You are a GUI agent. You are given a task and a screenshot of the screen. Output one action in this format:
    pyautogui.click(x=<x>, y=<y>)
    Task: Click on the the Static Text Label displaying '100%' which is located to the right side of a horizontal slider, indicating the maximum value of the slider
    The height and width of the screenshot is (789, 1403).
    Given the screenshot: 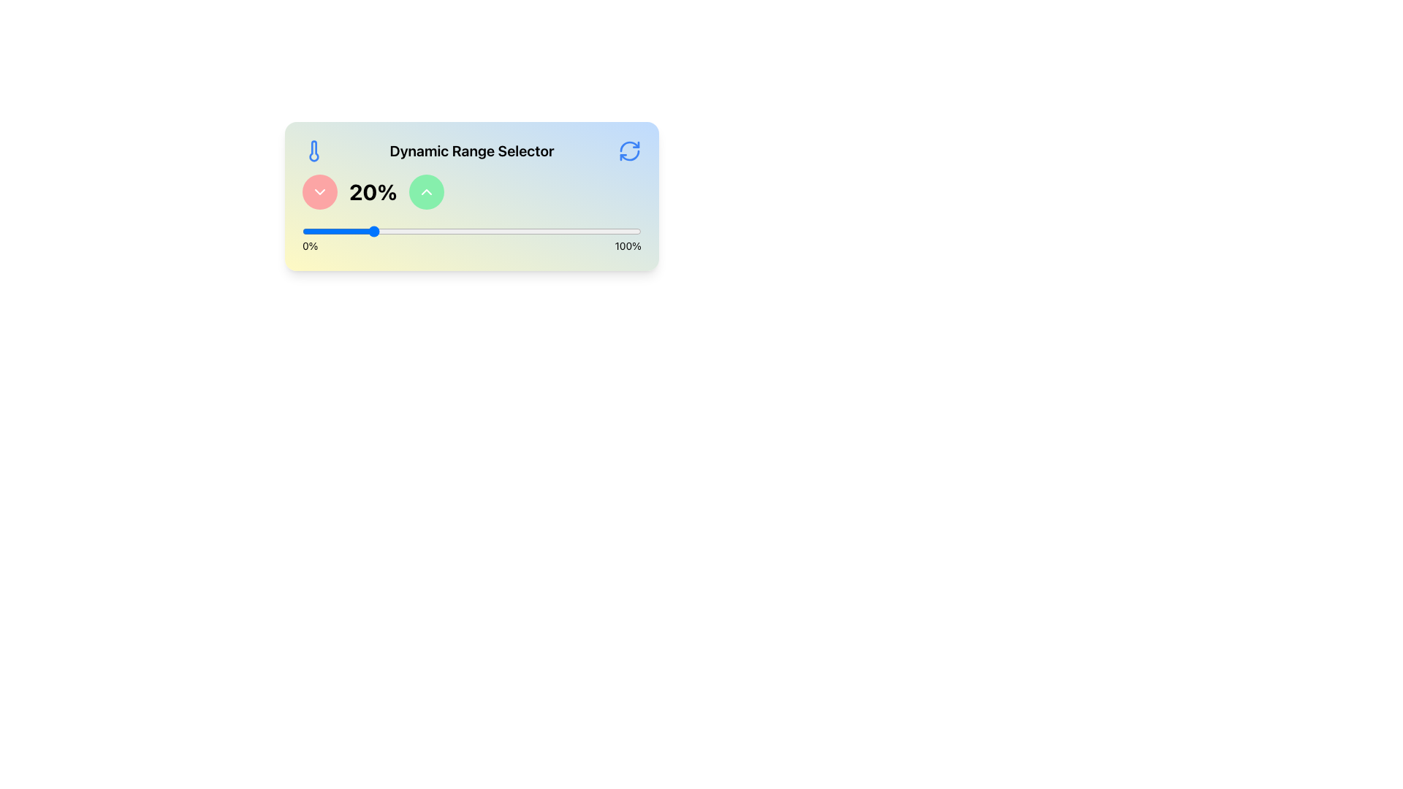 What is the action you would take?
    pyautogui.click(x=628, y=245)
    